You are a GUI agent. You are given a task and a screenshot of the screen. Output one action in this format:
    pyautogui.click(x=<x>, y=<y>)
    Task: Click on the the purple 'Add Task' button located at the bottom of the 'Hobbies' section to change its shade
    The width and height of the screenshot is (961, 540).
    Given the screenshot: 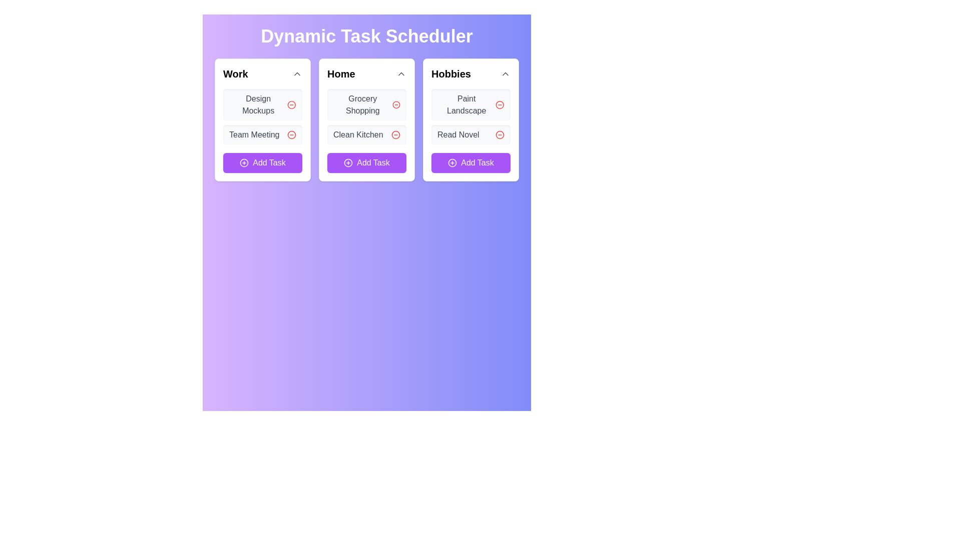 What is the action you would take?
    pyautogui.click(x=470, y=162)
    